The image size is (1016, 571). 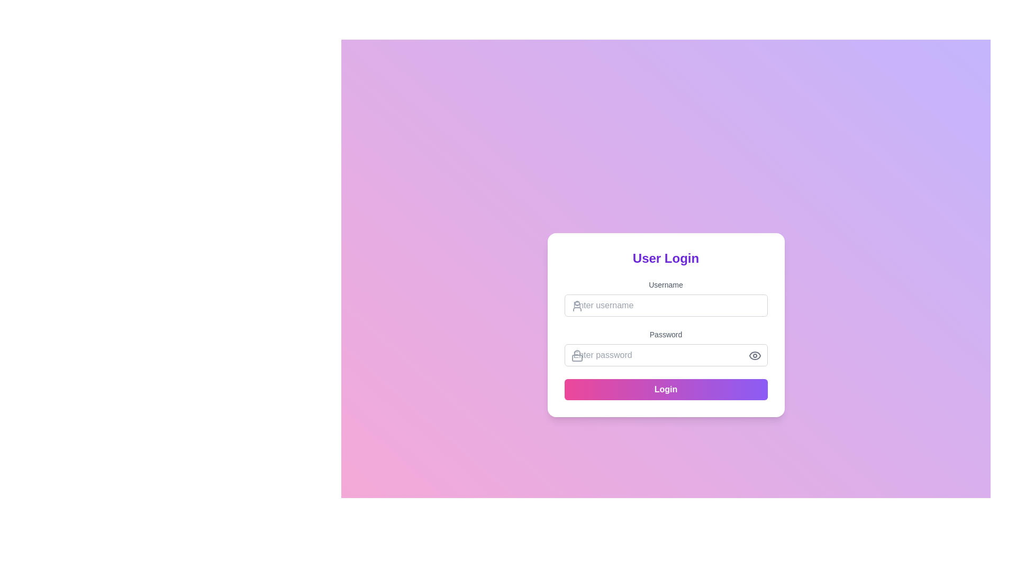 What do you see at coordinates (665, 334) in the screenshot?
I see `the Text Label that guides users to input their password, positioned above the password input field and below the 'Username' input section` at bounding box center [665, 334].